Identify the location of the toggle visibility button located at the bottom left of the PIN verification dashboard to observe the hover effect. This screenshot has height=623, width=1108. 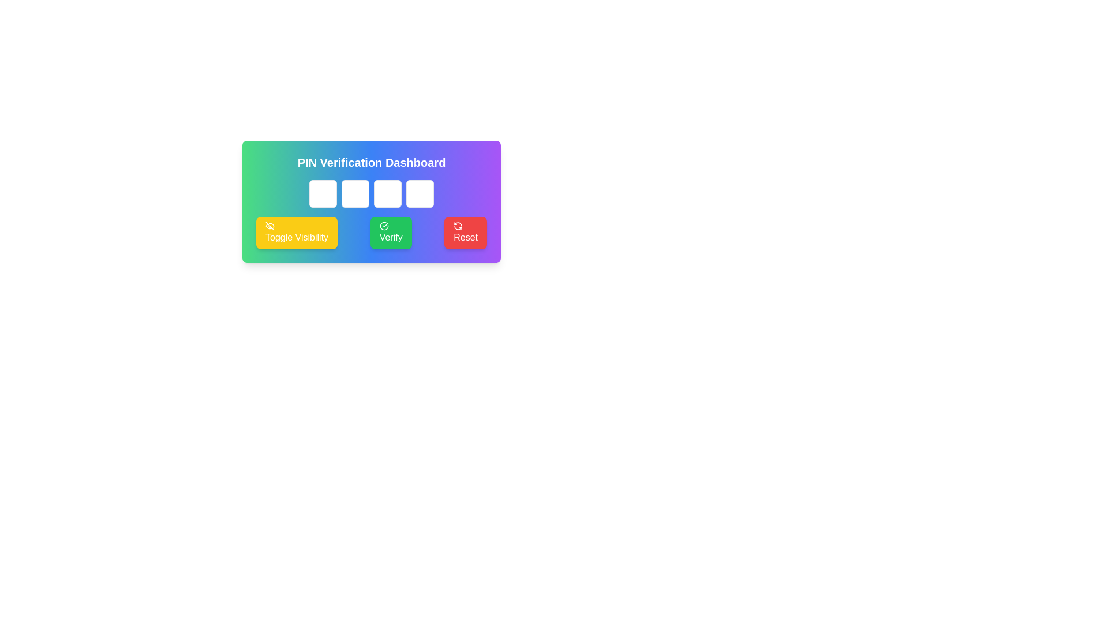
(297, 233).